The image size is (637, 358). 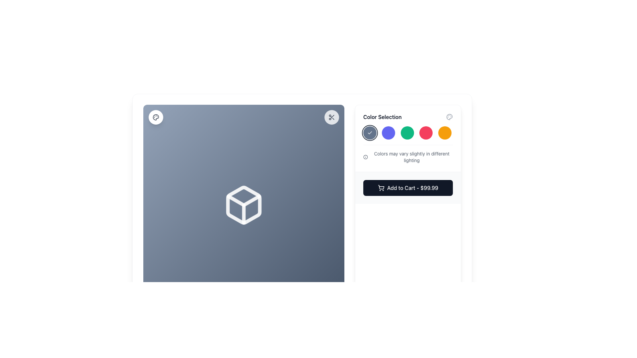 I want to click on the Color selector component located in the 'Color Selection' section of the right panel, so click(x=407, y=133).